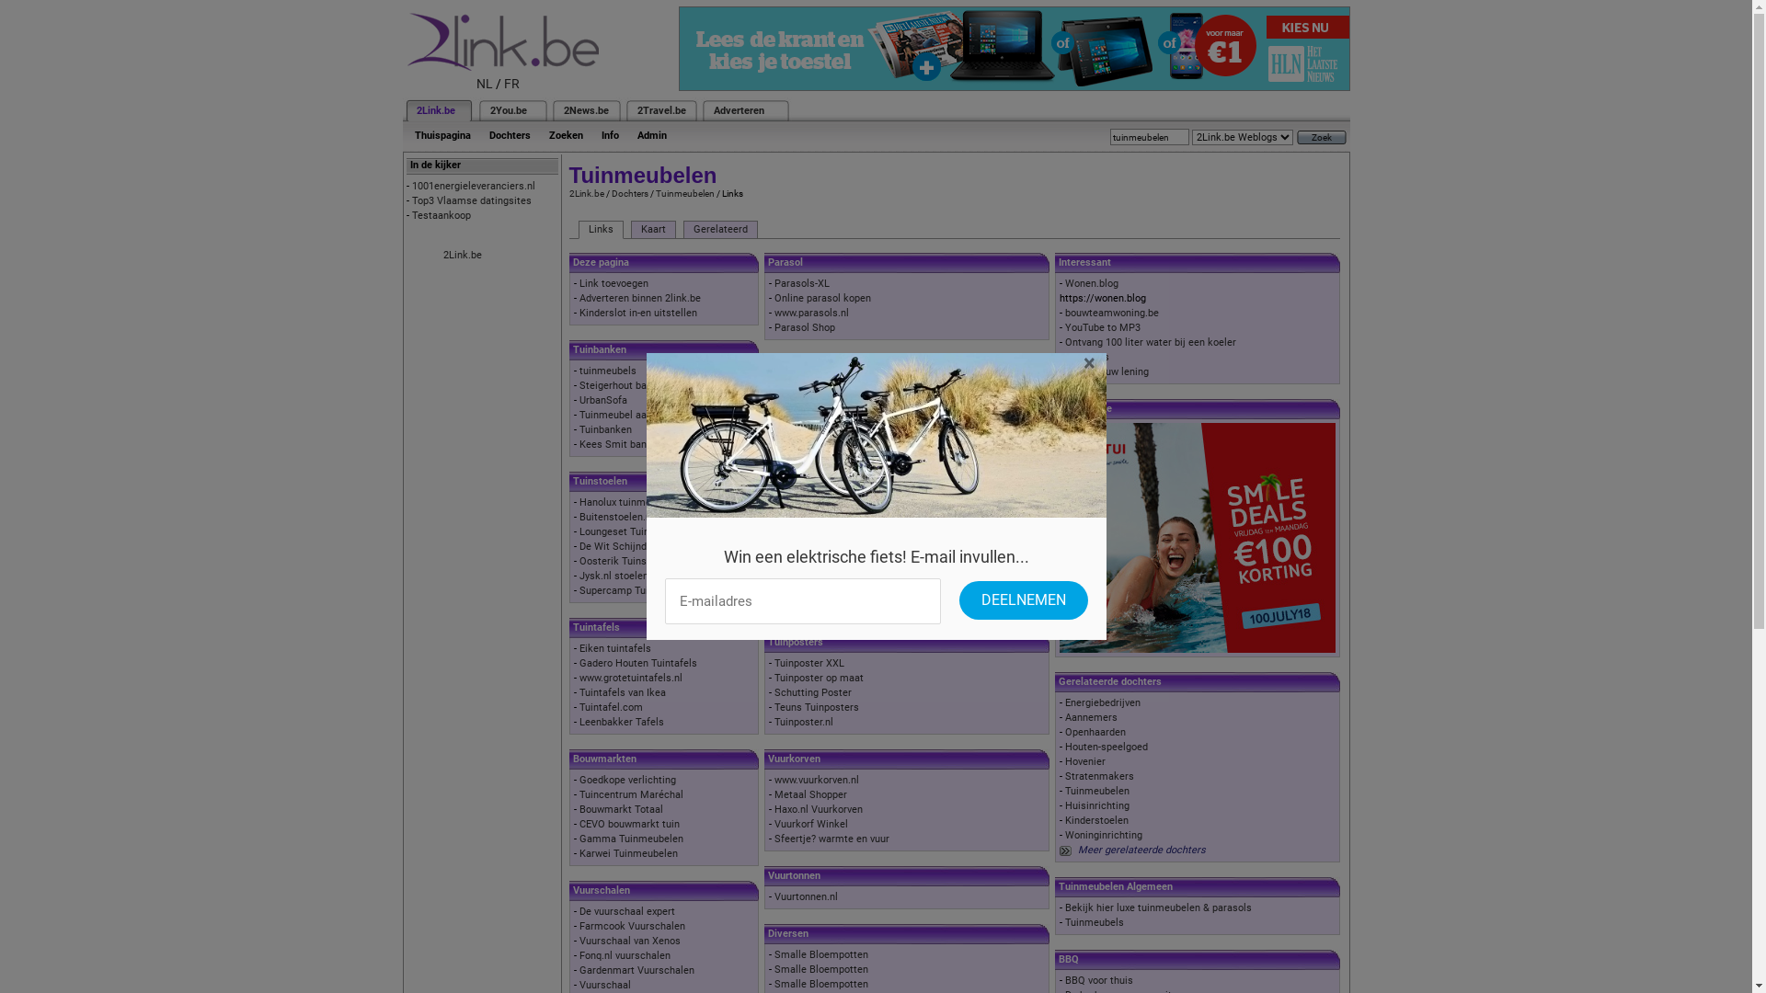 This screenshot has width=1766, height=993. Describe the element at coordinates (651, 134) in the screenshot. I see `'Admin'` at that location.